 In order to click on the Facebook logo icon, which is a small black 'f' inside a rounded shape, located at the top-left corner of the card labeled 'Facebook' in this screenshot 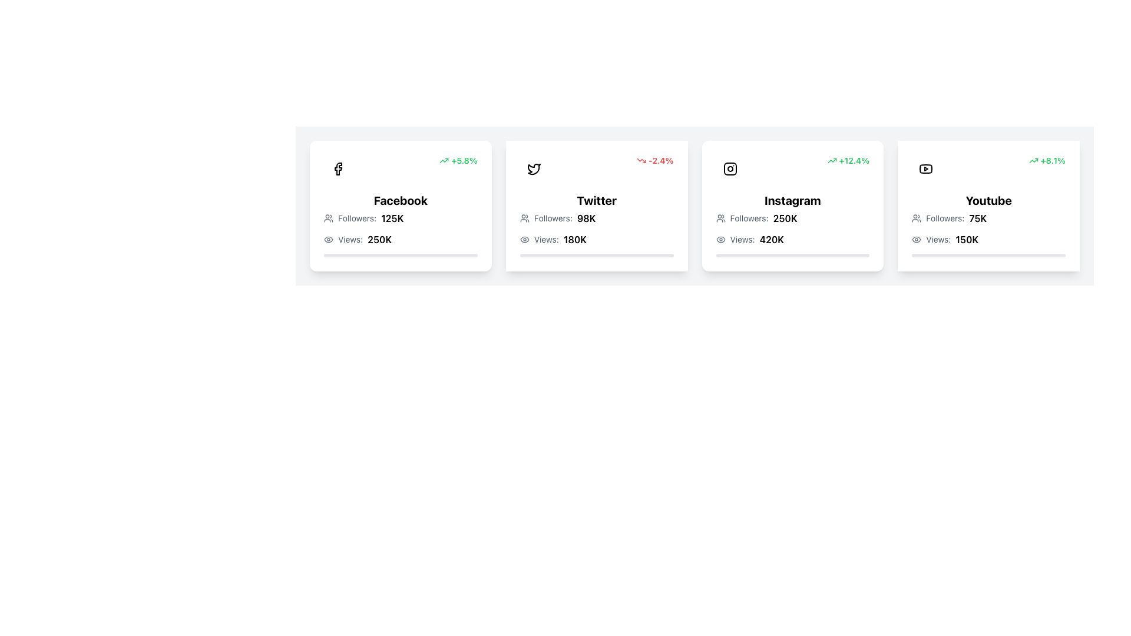, I will do `click(338, 168)`.